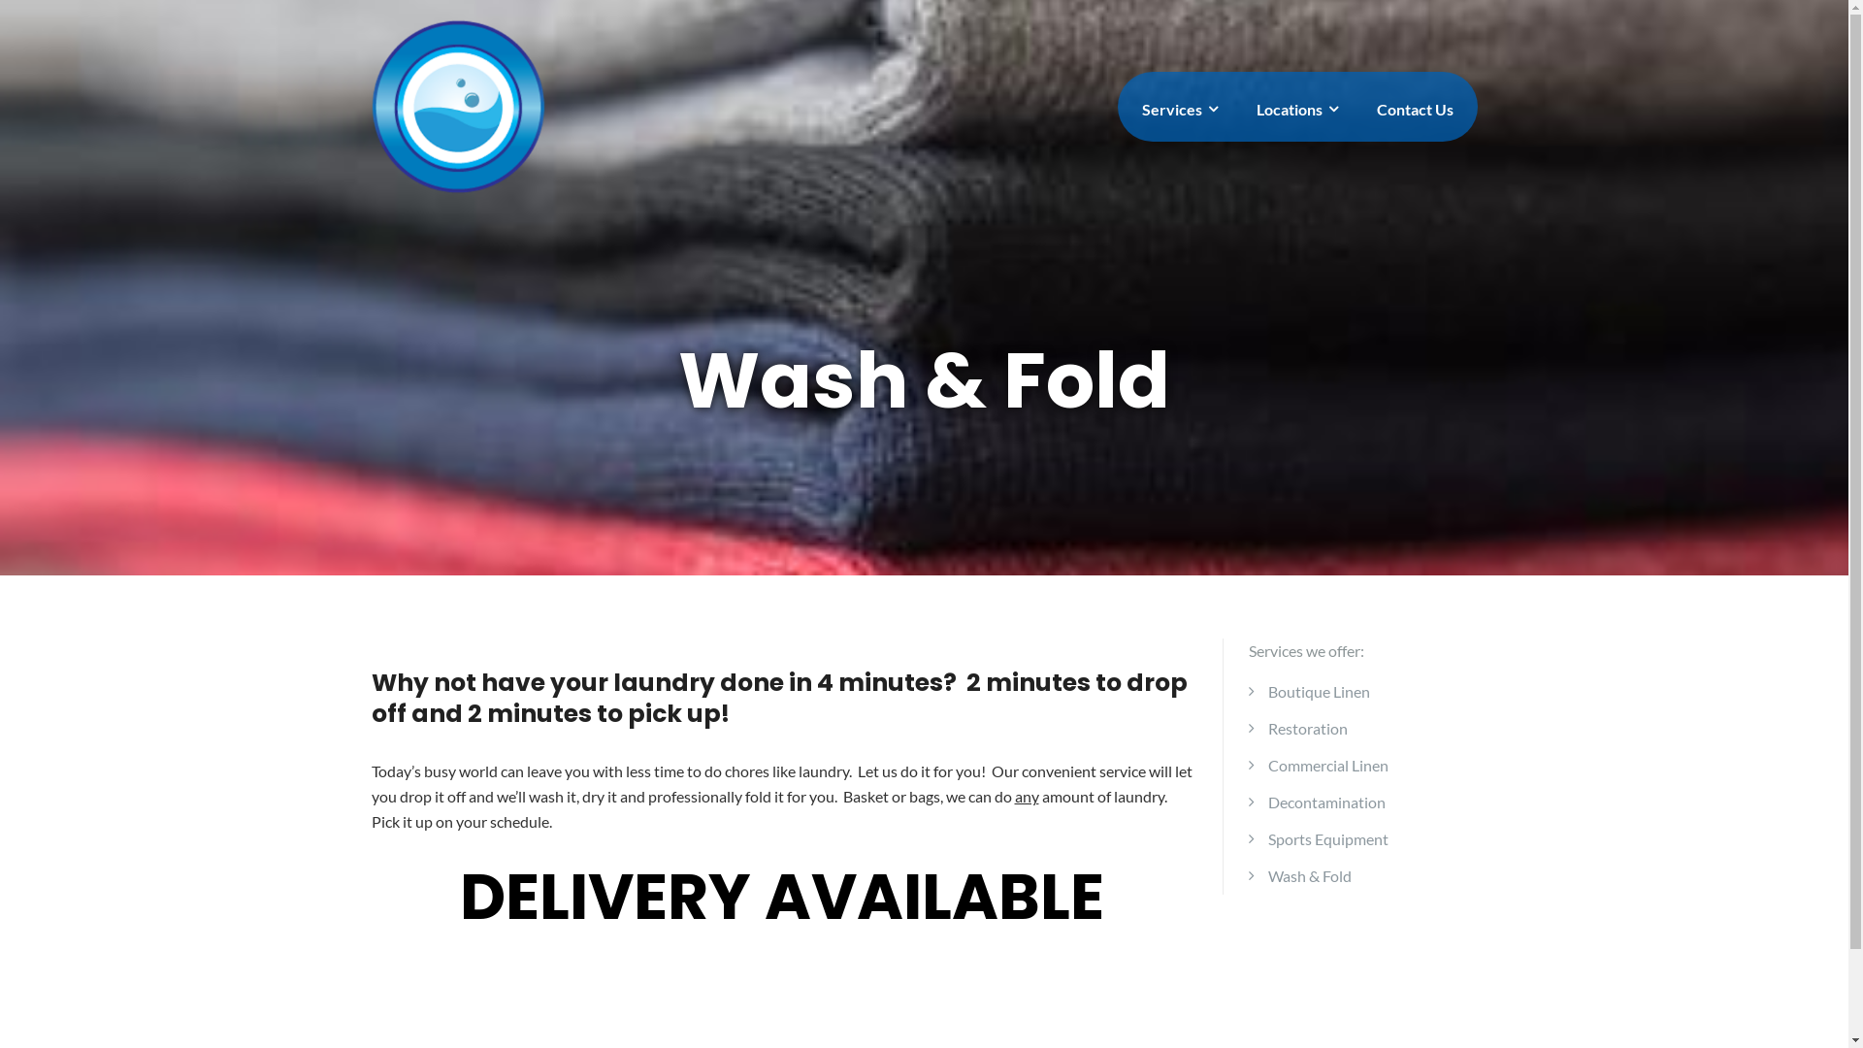  What do you see at coordinates (1325, 802) in the screenshot?
I see `'Decontamination'` at bounding box center [1325, 802].